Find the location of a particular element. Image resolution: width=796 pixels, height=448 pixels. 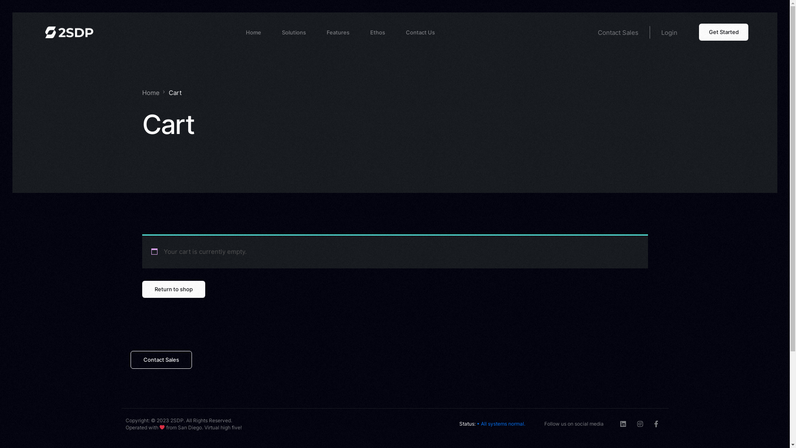

'Contact Sales' is located at coordinates (129, 359).